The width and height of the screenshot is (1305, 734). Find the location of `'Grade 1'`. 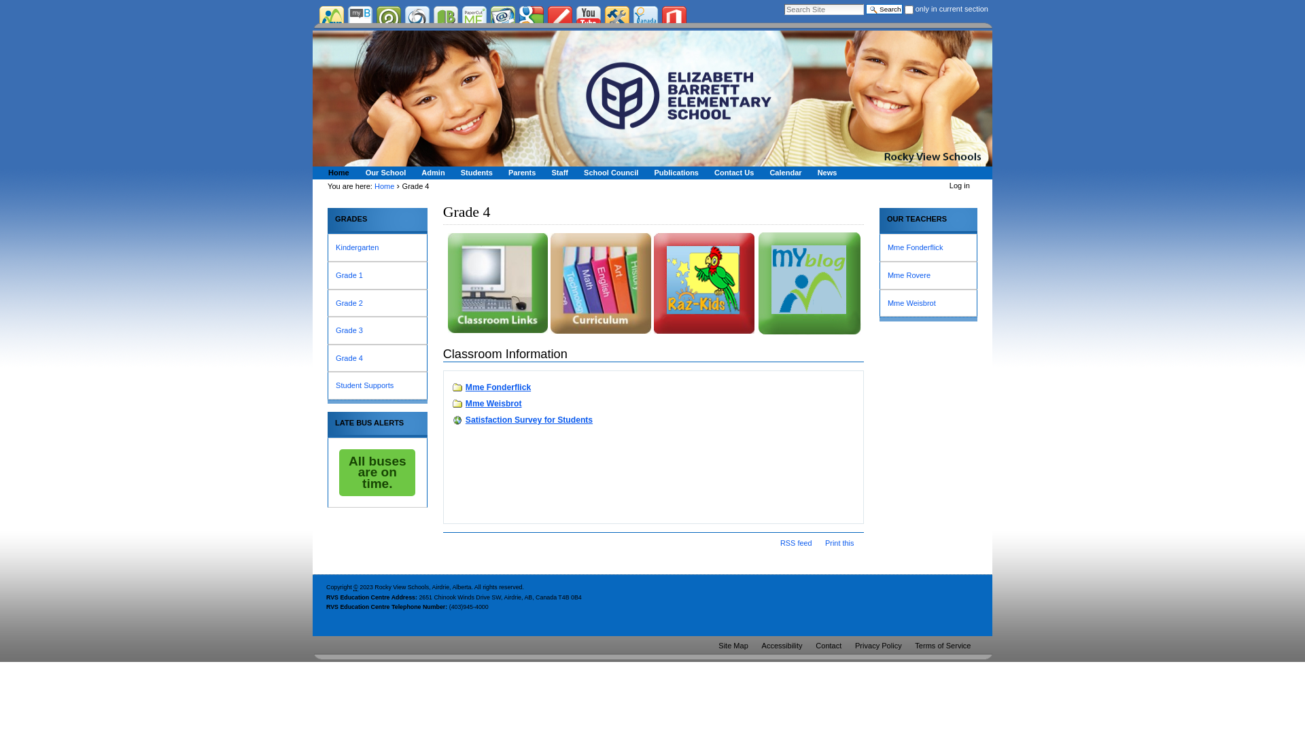

'Grade 1' is located at coordinates (377, 275).